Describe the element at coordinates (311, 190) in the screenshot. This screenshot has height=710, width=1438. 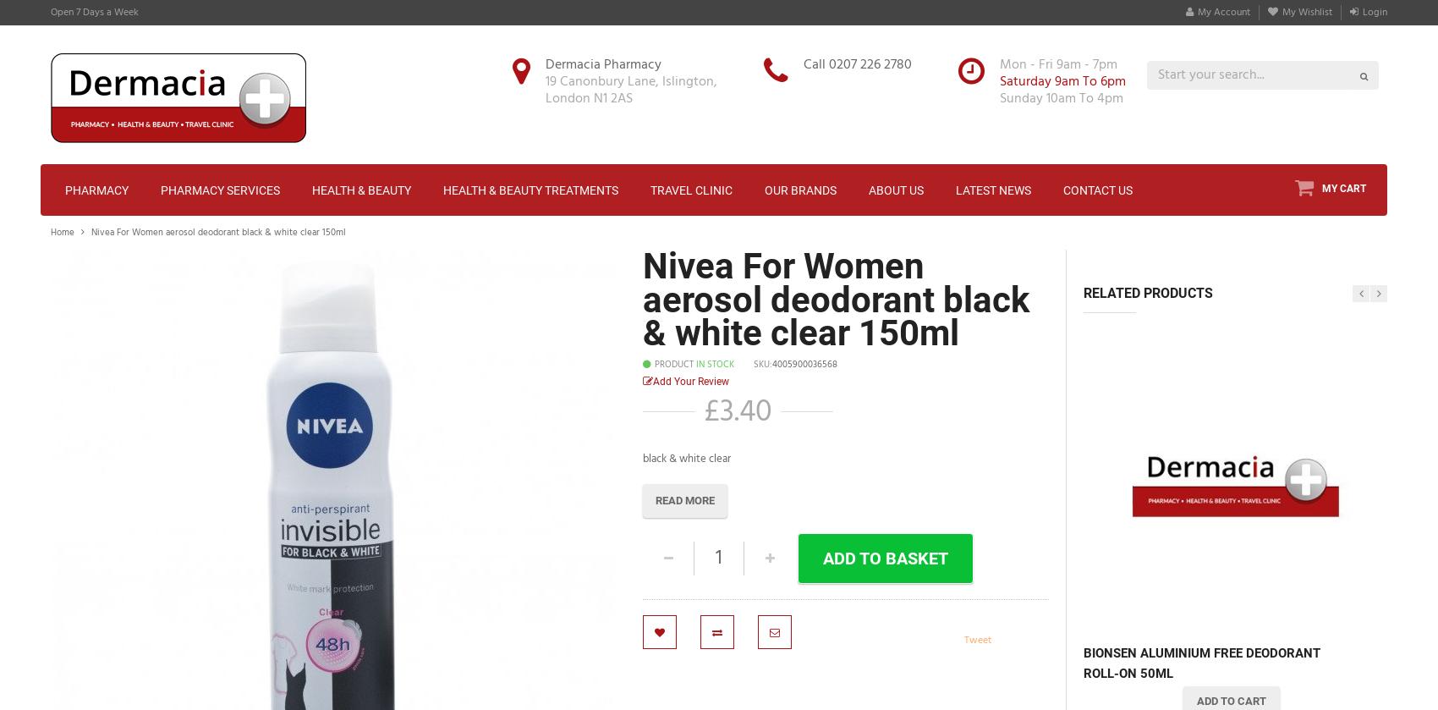
I see `'Health & Beauty'` at that location.